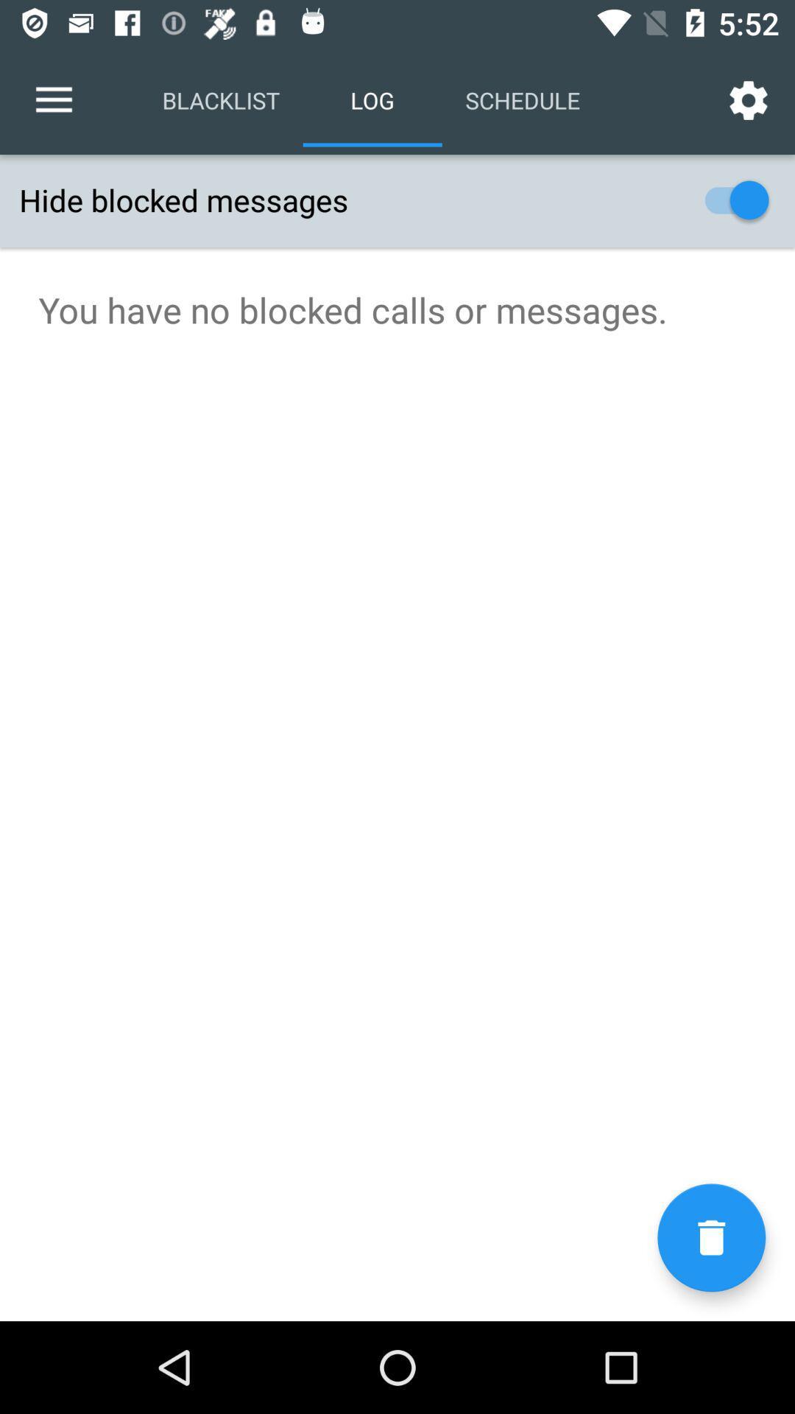 Image resolution: width=795 pixels, height=1414 pixels. Describe the element at coordinates (749, 99) in the screenshot. I see `the icon above hide blocked messages item` at that location.